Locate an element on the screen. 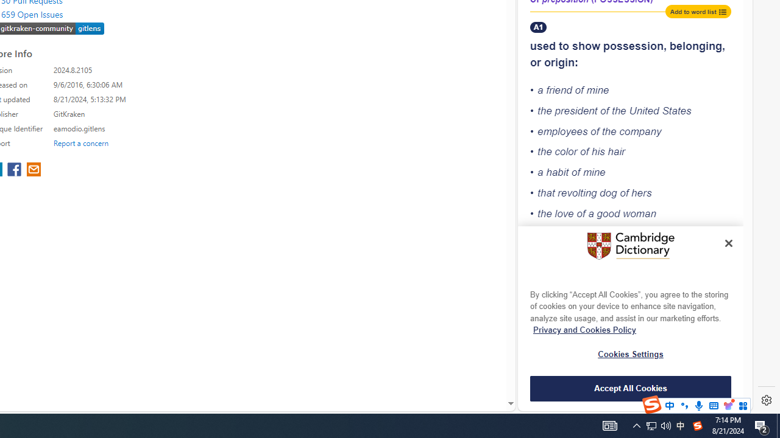  'president' is located at coordinates (575, 111).